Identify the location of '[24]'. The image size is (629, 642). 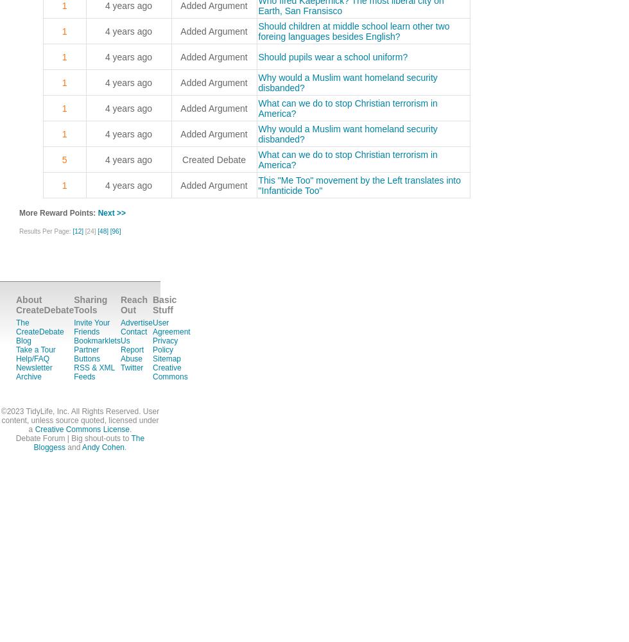
(90, 230).